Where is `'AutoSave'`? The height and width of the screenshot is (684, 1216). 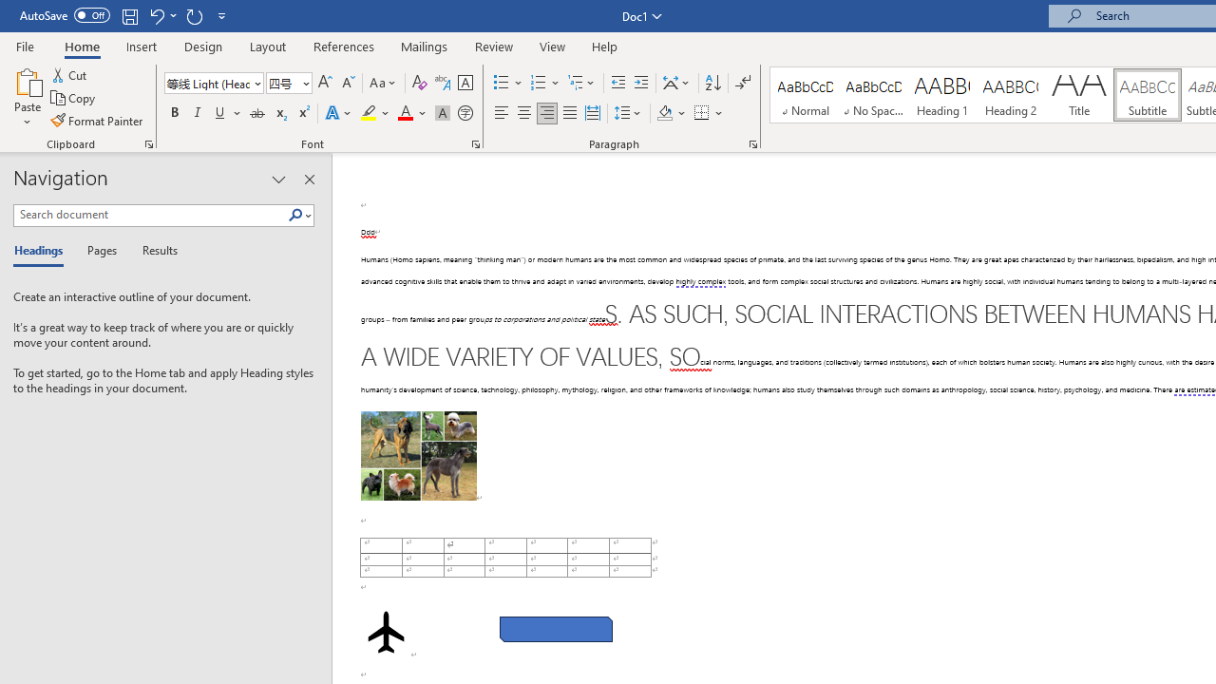 'AutoSave' is located at coordinates (65, 15).